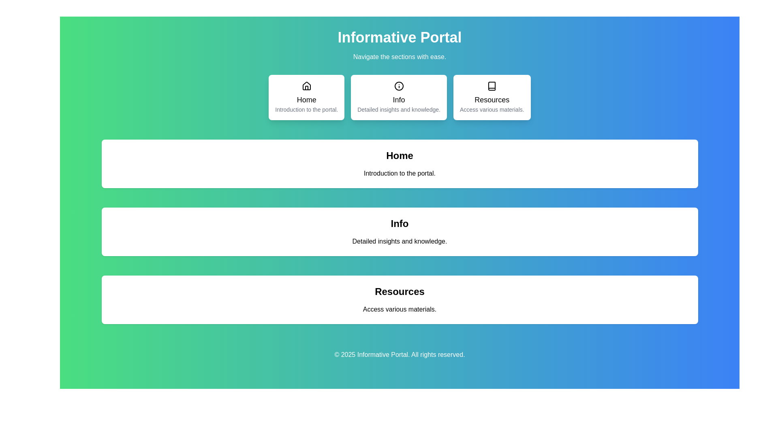 The height and width of the screenshot is (437, 778). I want to click on additional information provided by the description text label located beneath the 'Resources' title and centrally aligned with the button's icon, so click(492, 109).